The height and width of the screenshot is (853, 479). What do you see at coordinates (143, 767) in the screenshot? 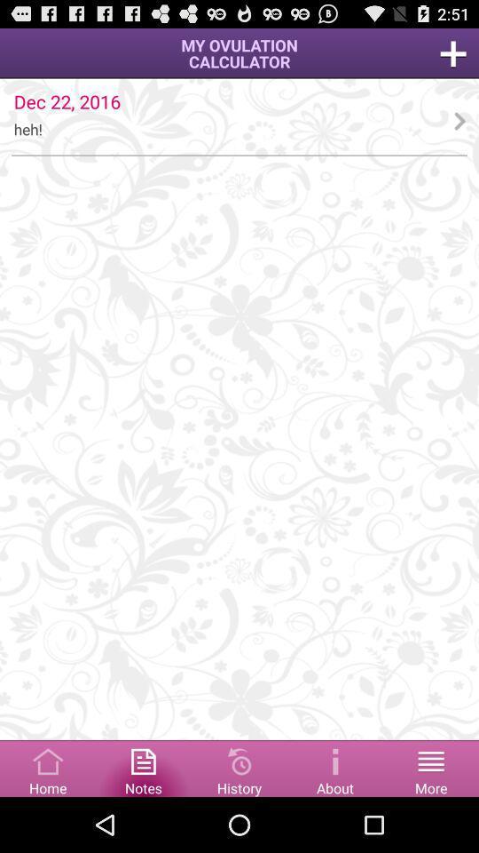
I see `notes` at bounding box center [143, 767].